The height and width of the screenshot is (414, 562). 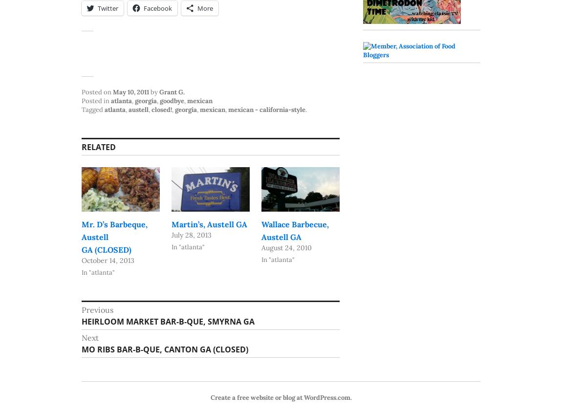 I want to click on 'Tagged', so click(x=92, y=109).